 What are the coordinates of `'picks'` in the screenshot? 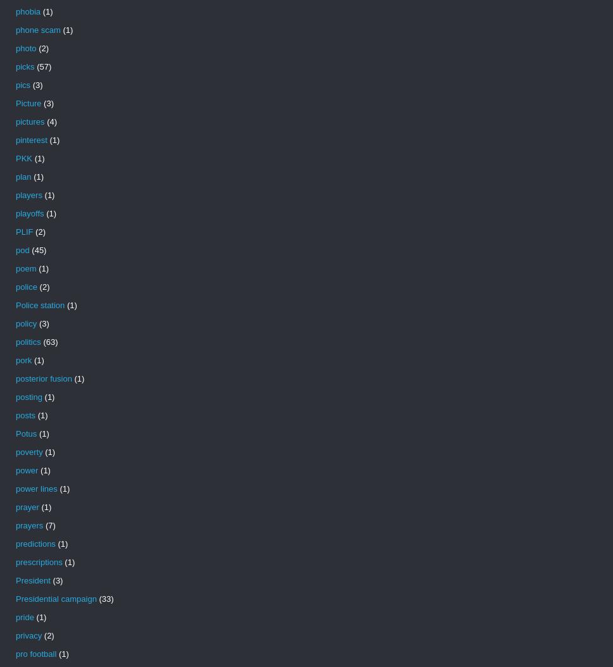 It's located at (25, 66).